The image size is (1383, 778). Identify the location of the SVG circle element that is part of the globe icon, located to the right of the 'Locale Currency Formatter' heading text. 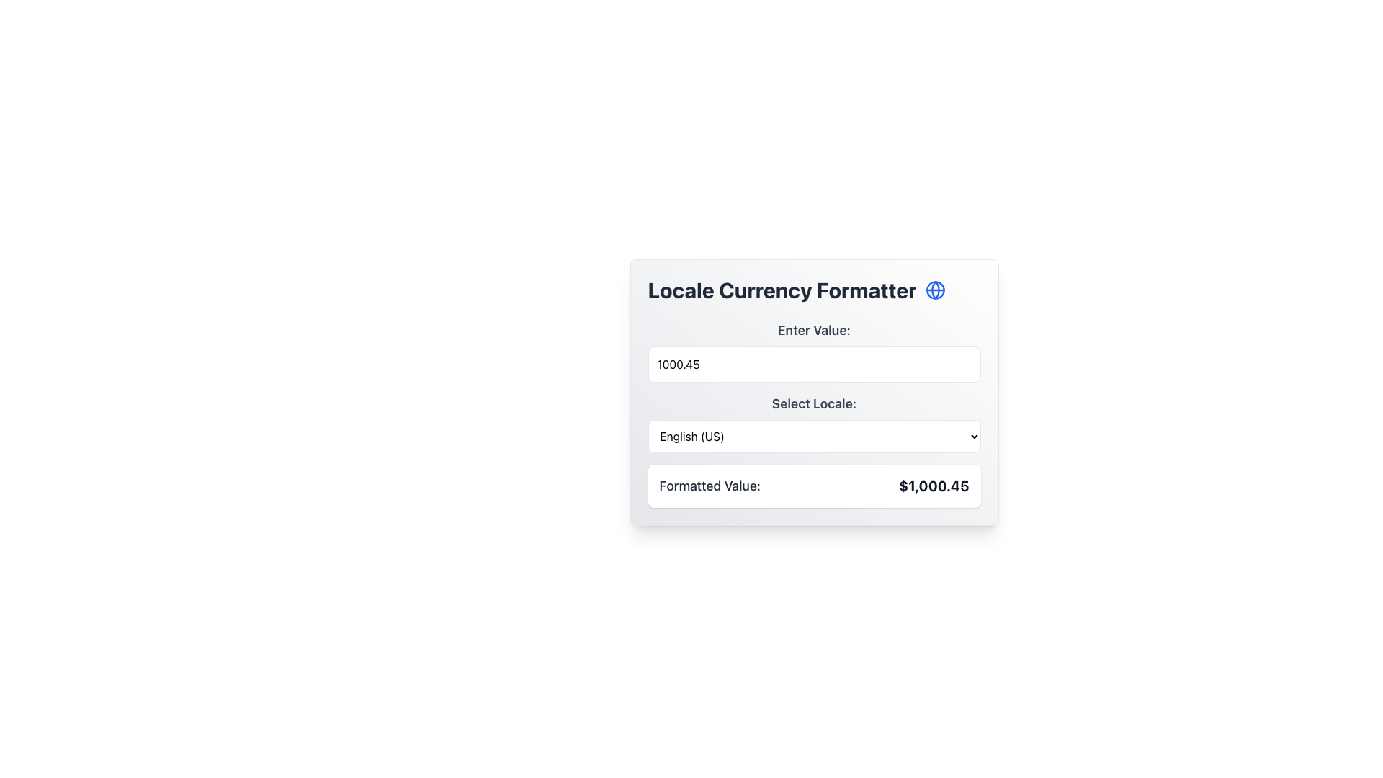
(935, 290).